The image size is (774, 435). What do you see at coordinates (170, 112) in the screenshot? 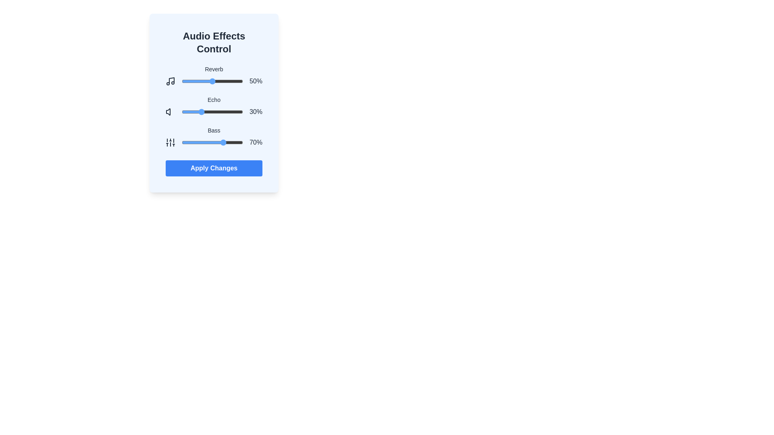
I see `the volume adjustment icon located to the left of the range slider and the '30%' label in the middle row of the 'Audio Effects Control' panel` at bounding box center [170, 112].